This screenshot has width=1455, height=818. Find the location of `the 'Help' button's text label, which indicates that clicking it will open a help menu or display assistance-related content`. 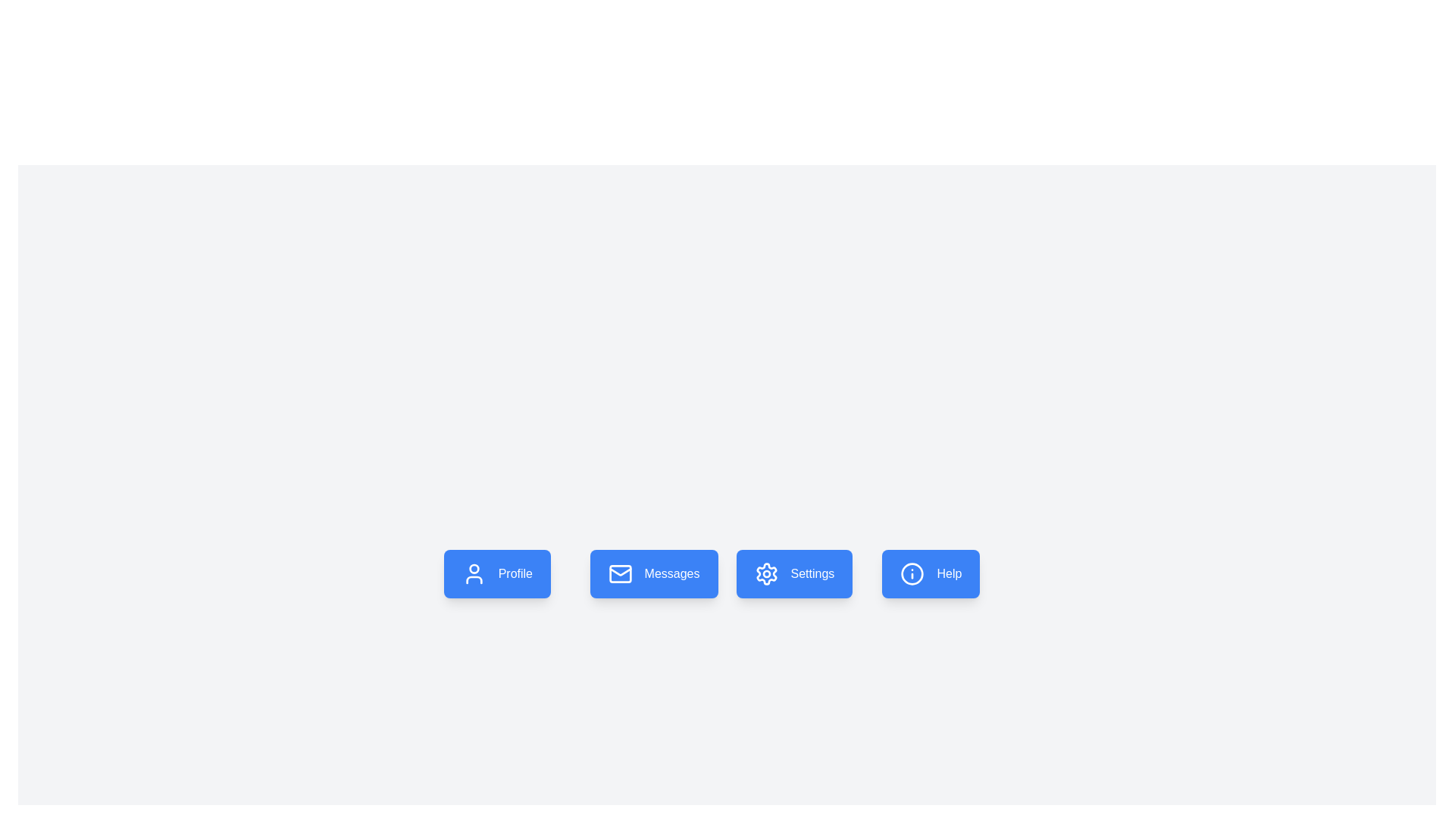

the 'Help' button's text label, which indicates that clicking it will open a help menu or display assistance-related content is located at coordinates (948, 574).